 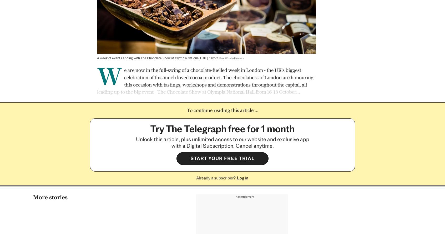 I want to click on 'Victoria Moore', so click(x=166, y=188).